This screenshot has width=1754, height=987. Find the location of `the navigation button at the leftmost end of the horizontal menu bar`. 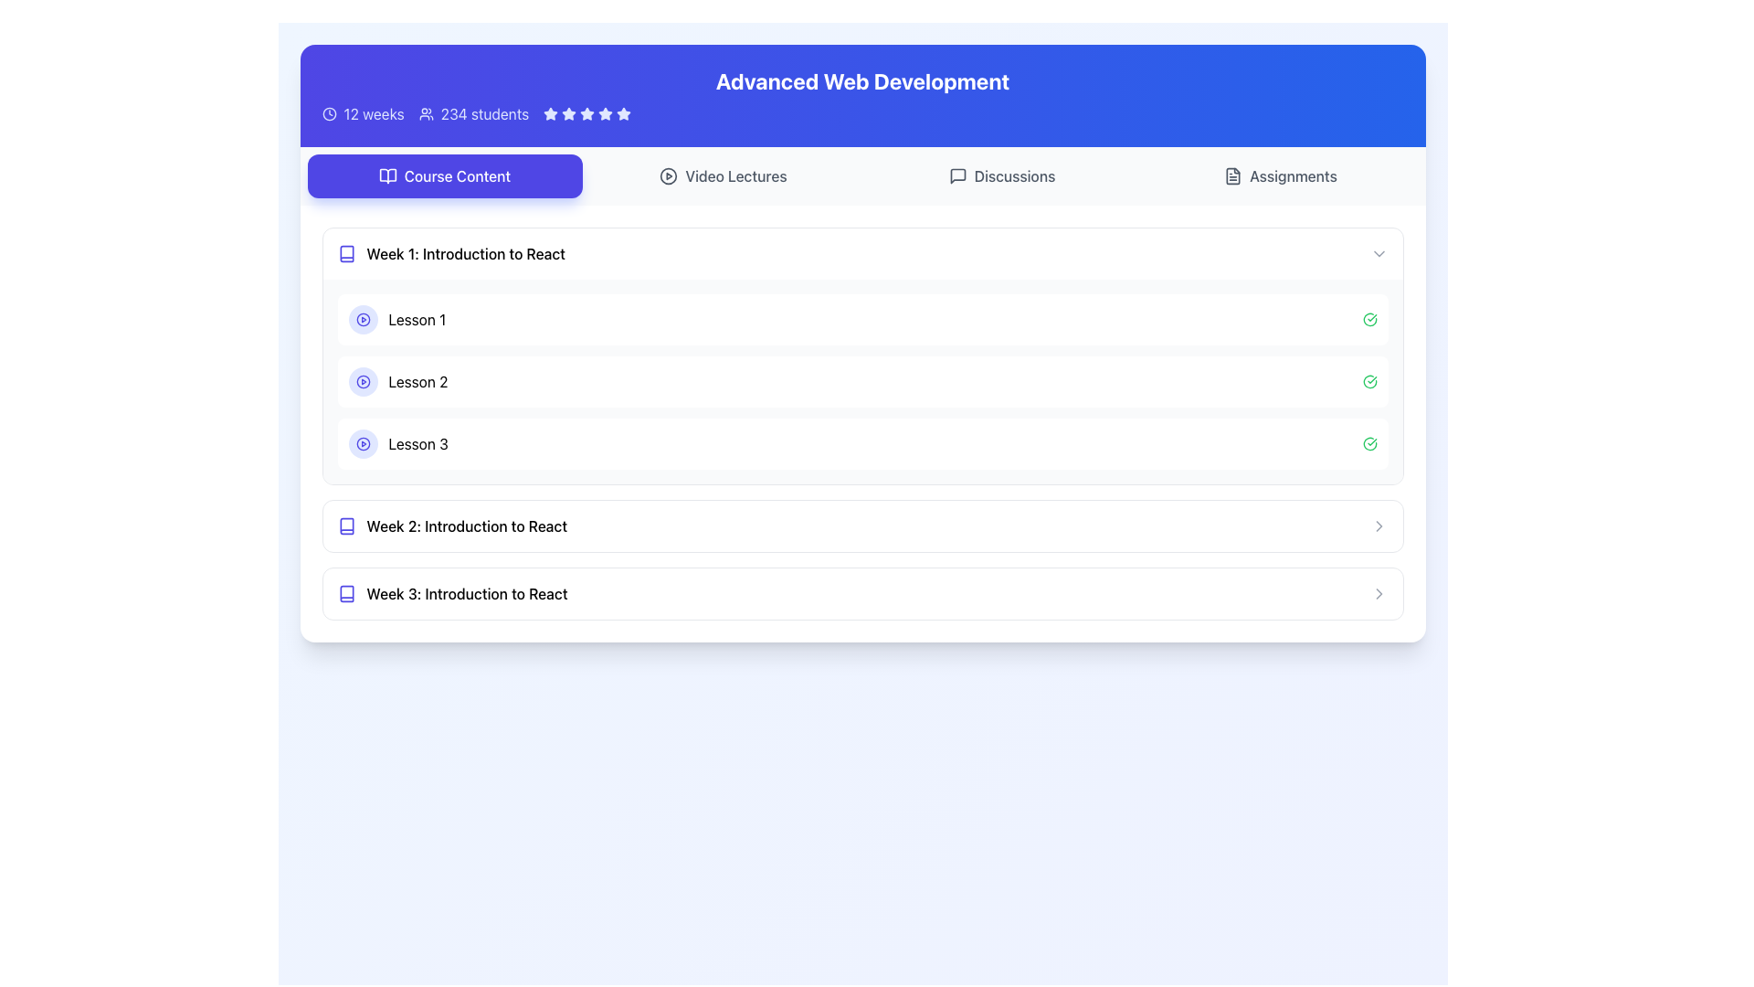

the navigation button at the leftmost end of the horizontal menu bar is located at coordinates (444, 175).